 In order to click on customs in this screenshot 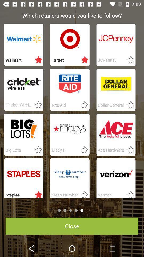, I will do `click(37, 105)`.